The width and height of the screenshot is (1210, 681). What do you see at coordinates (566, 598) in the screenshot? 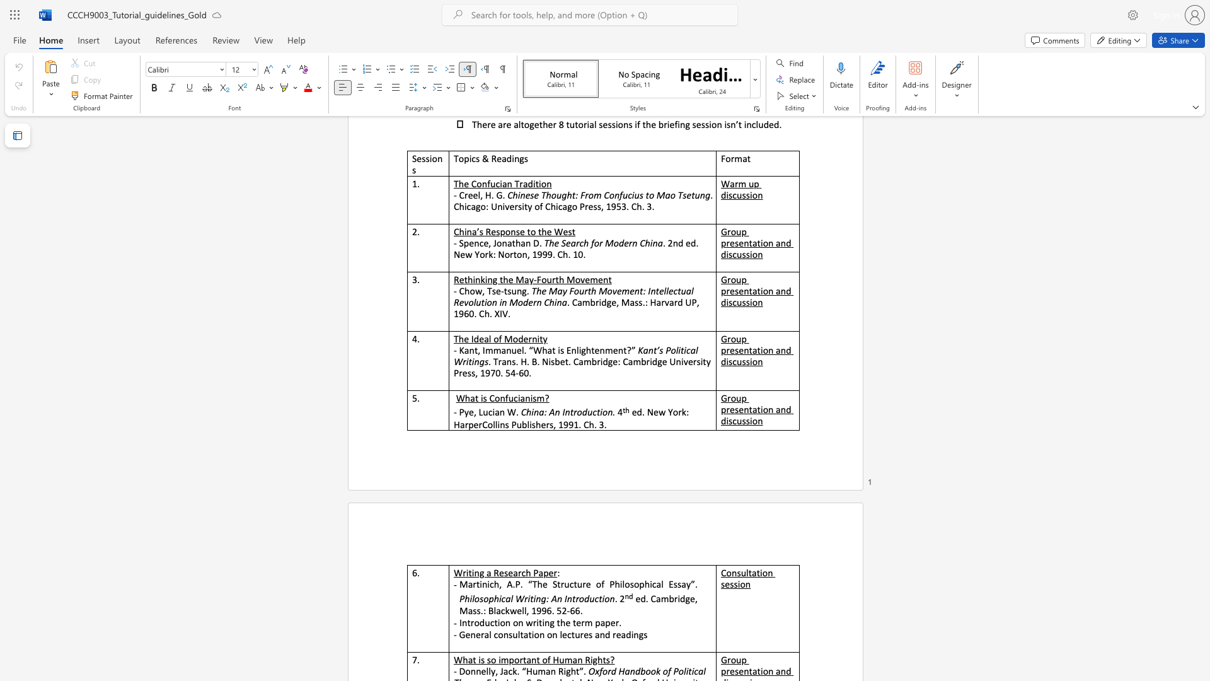
I see `the subset text "ntrod" within the text "Philosophical Writing: An Introduction"` at bounding box center [566, 598].